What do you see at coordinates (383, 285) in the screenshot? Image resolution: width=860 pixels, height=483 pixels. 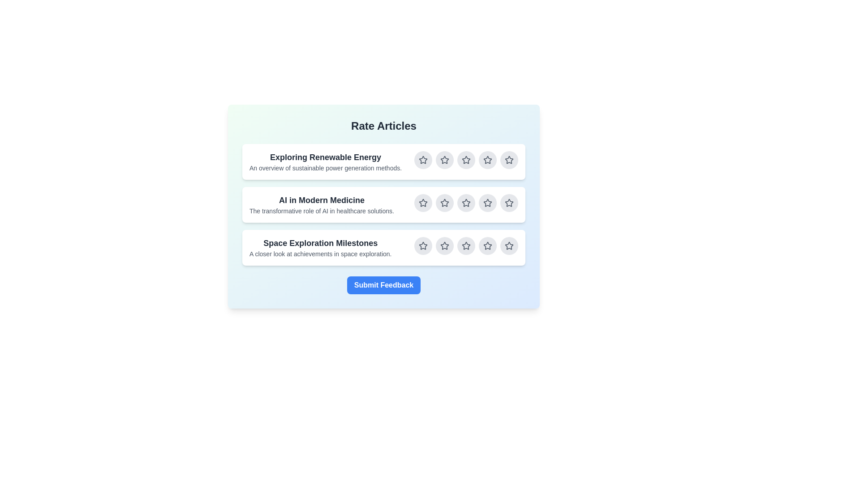 I see `the 'Submit Feedback' button to submit the feedback` at bounding box center [383, 285].